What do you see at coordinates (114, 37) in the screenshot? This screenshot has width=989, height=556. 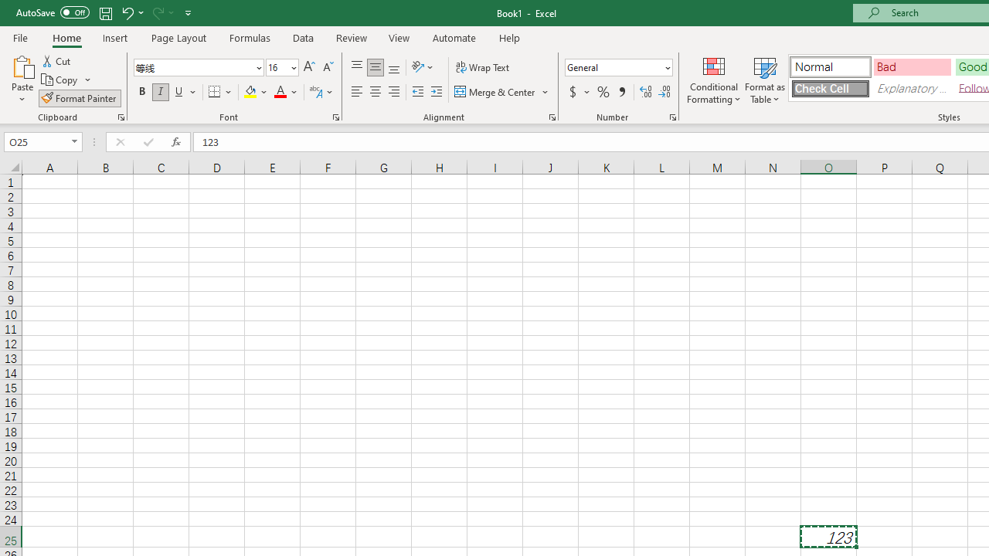 I see `'Insert'` at bounding box center [114, 37].